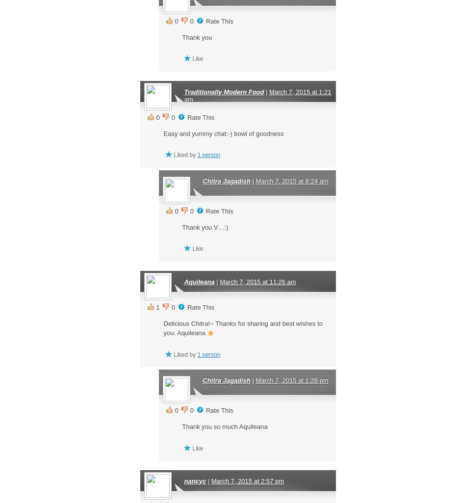 The width and height of the screenshot is (461, 503). What do you see at coordinates (183, 95) in the screenshot?
I see `'March 7, 2015 at 1:21 am'` at bounding box center [183, 95].